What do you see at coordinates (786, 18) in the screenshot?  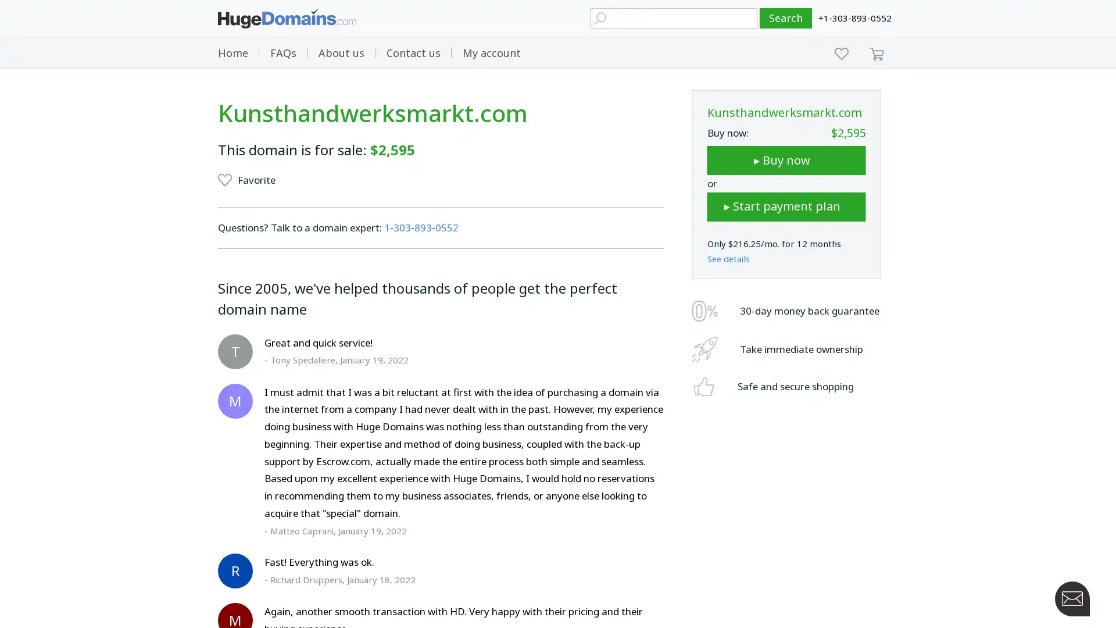 I see `Search` at bounding box center [786, 18].